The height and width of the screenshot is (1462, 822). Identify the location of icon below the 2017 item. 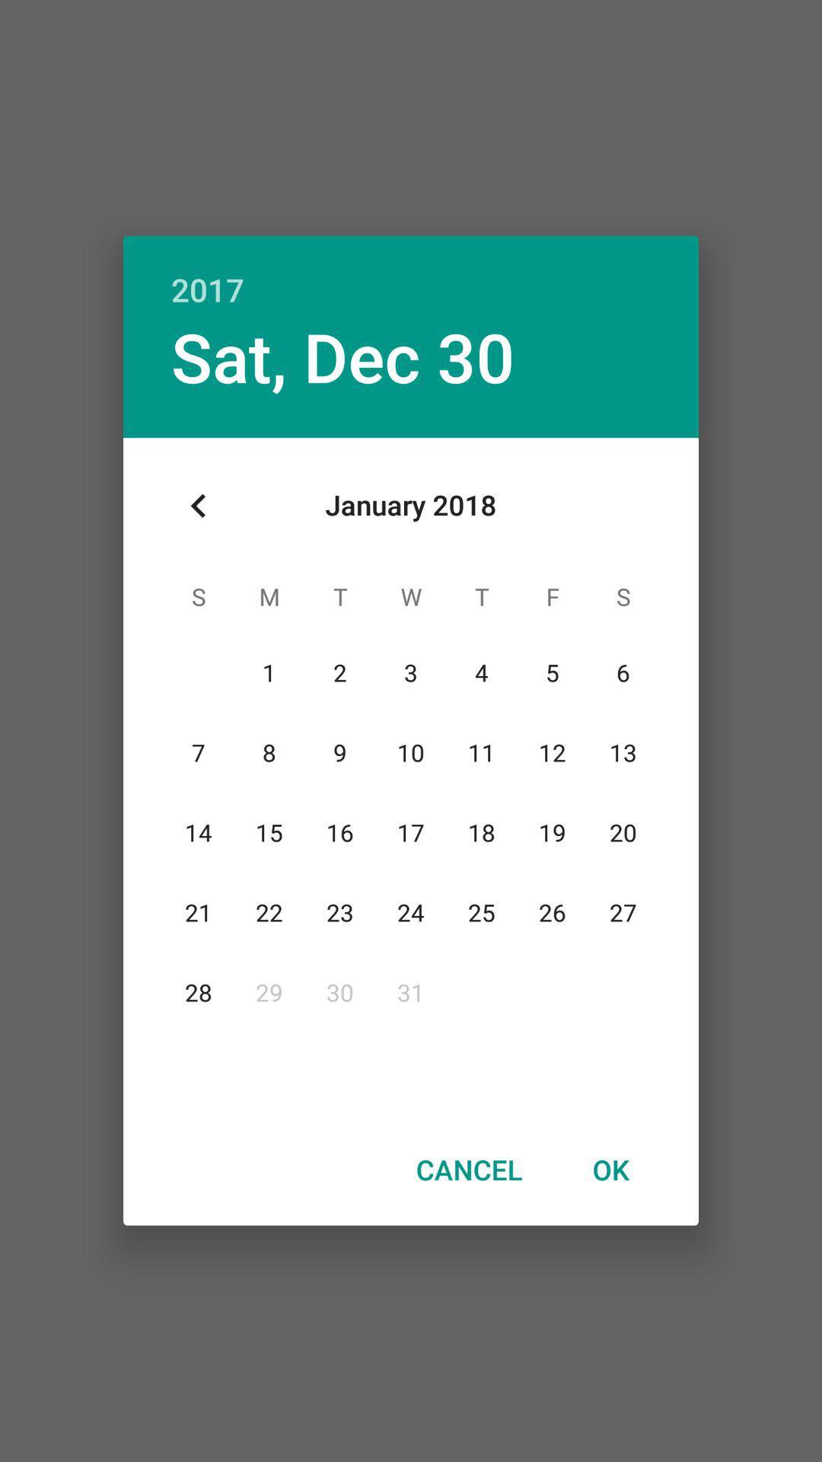
(342, 356).